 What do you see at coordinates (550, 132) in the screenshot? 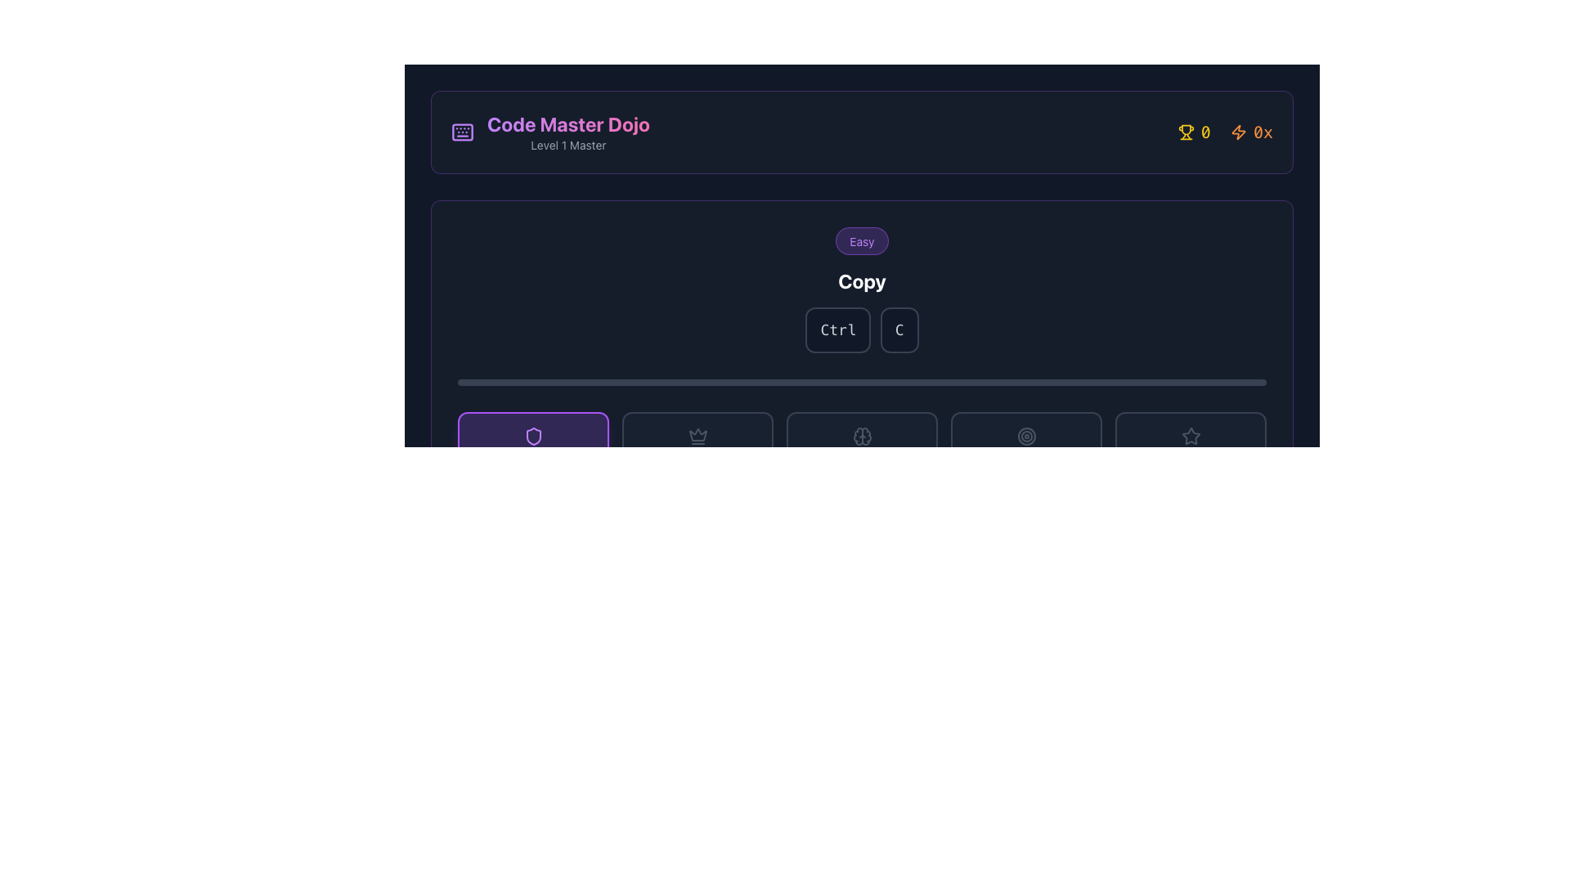
I see `the header titled 'Code Master Dojo', which is bold and has a gradient title text, located at the top left of the card` at bounding box center [550, 132].